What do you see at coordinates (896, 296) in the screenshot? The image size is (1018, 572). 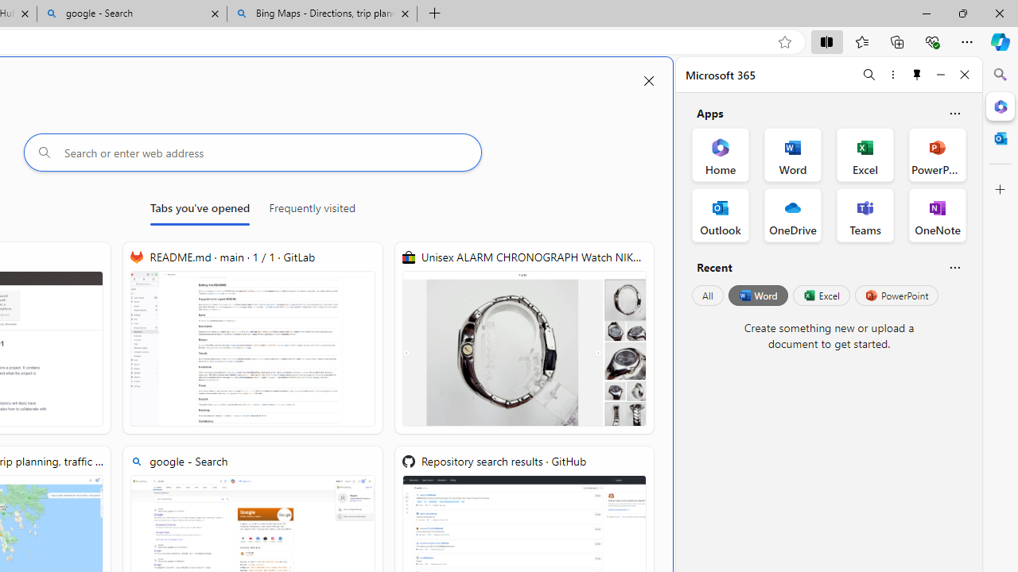 I see `'PowerPoint'` at bounding box center [896, 296].